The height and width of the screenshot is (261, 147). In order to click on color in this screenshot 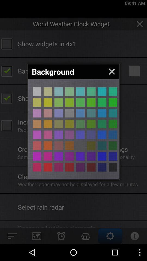, I will do `click(80, 145)`.